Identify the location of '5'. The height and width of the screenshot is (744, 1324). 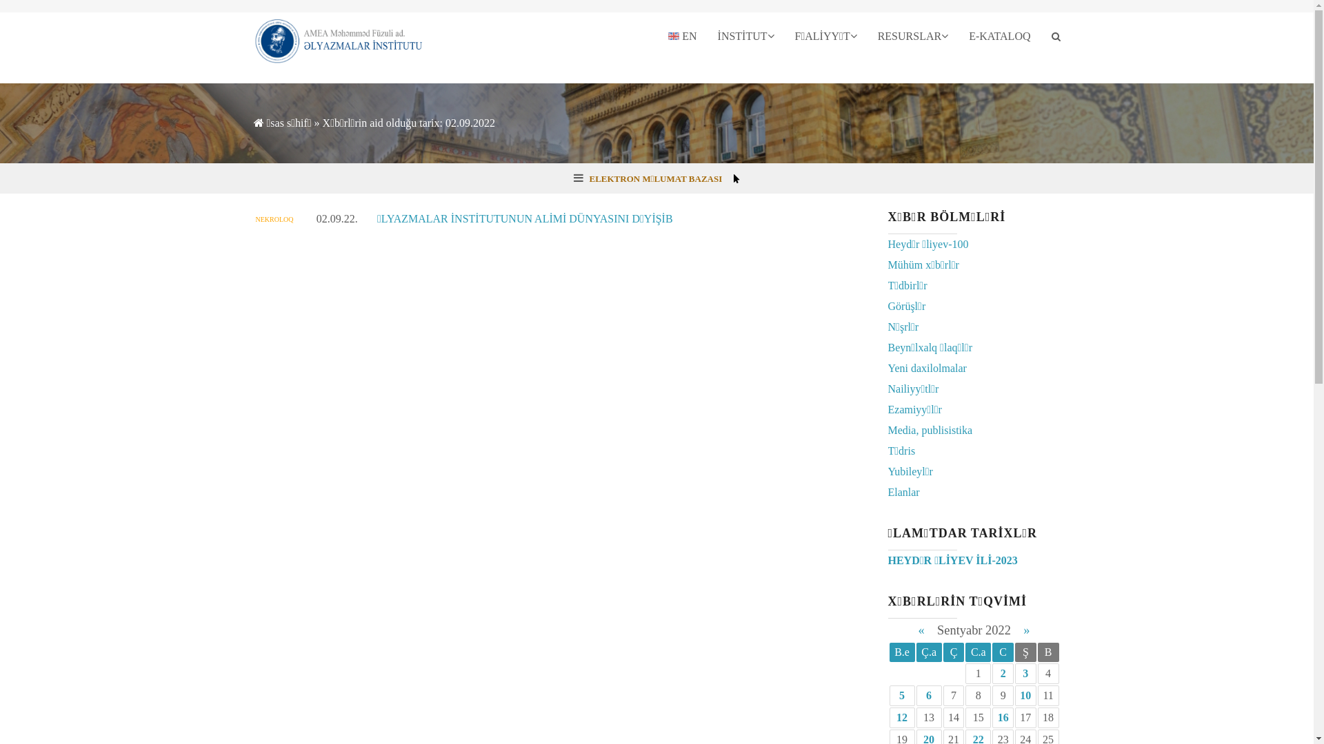
(902, 695).